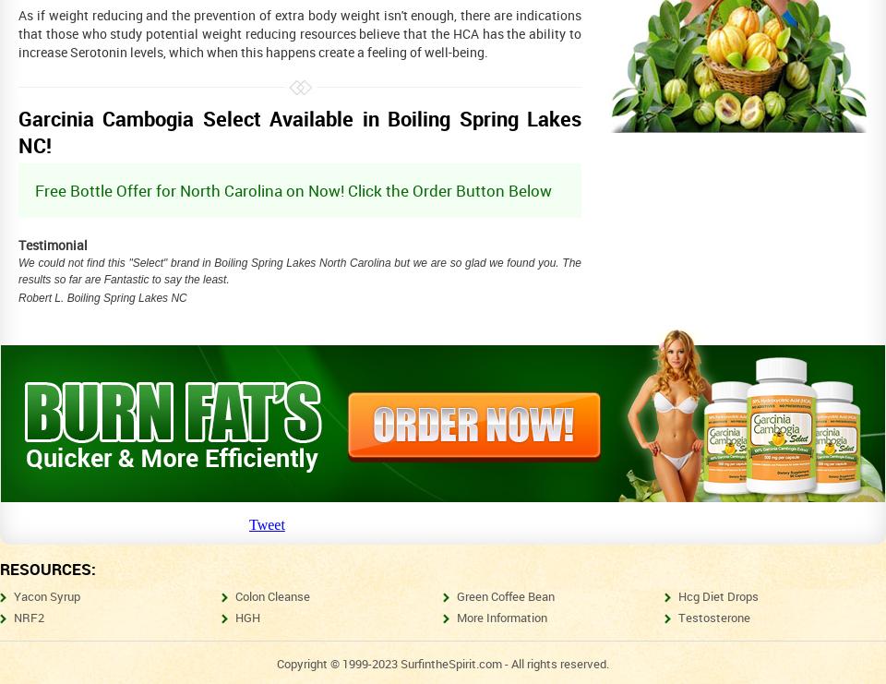 This screenshot has height=684, width=886. Describe the element at coordinates (102, 298) in the screenshot. I see `'Robert L. Boiling Spring Lakes NC'` at that location.